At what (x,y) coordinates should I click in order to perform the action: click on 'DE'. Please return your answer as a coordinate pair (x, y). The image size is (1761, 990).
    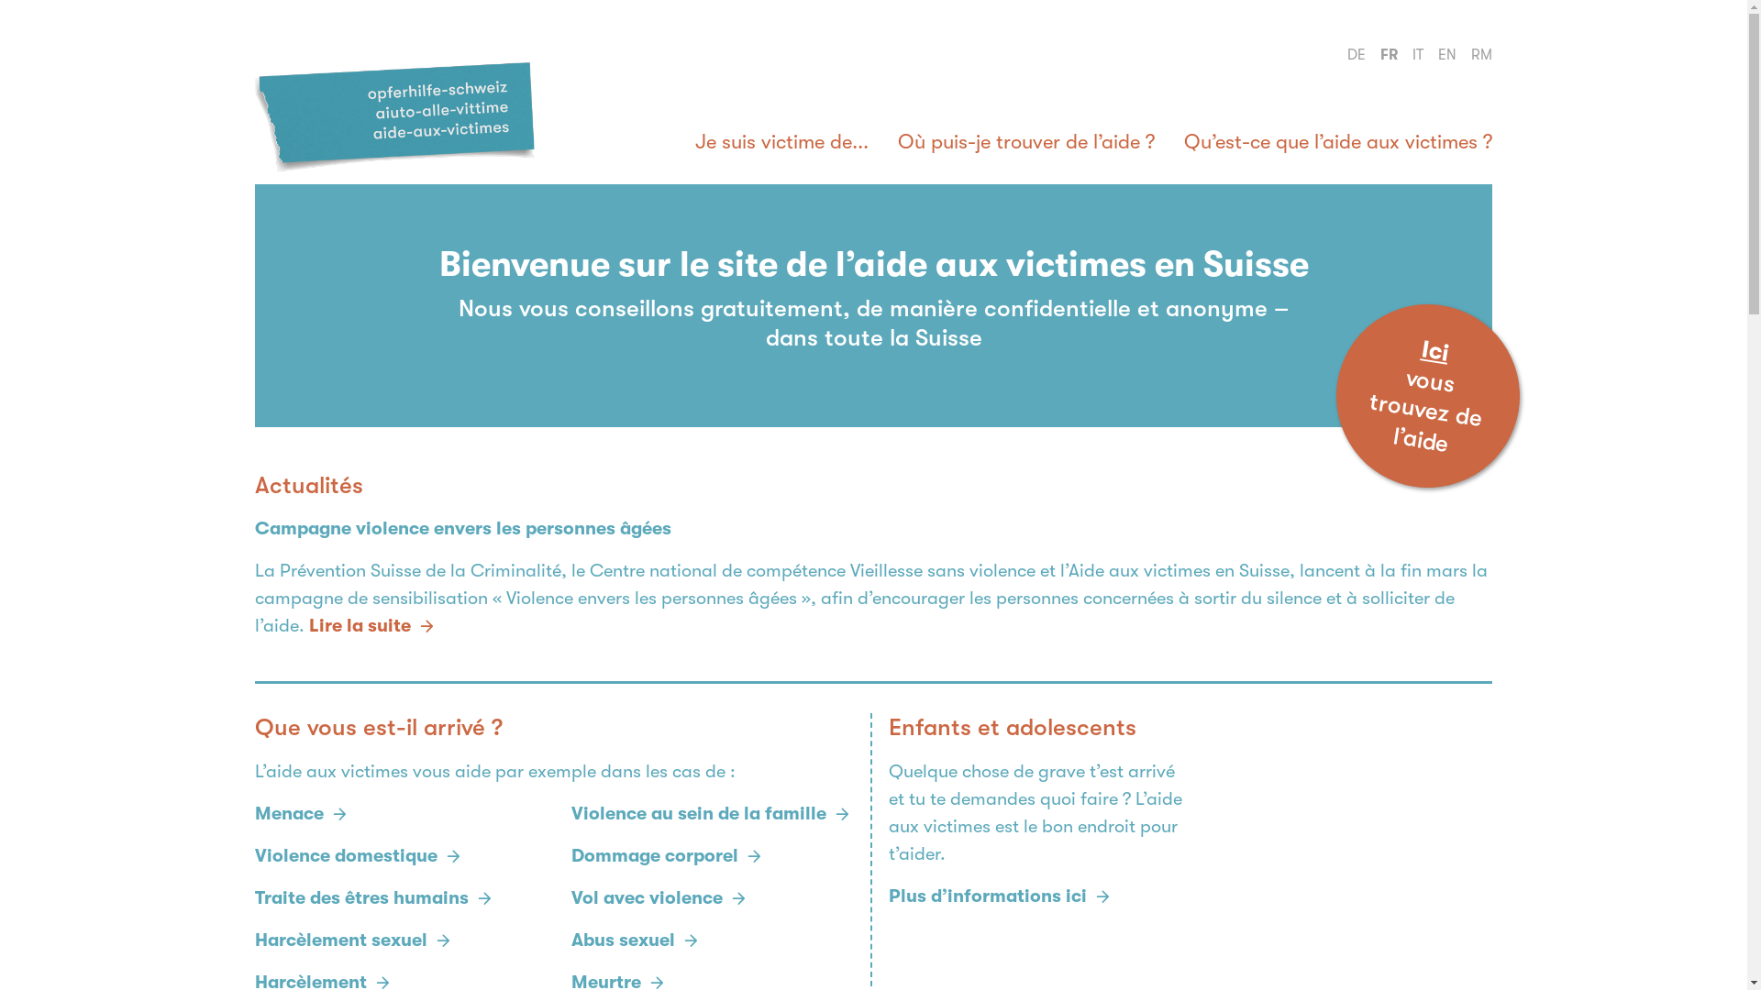
    Looking at the image, I should click on (1356, 54).